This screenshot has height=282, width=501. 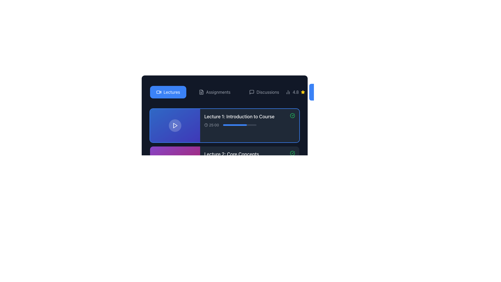 What do you see at coordinates (231, 154) in the screenshot?
I see `the Text label serving as the title for the lecture item, which is centered above the smaller text label displaying '20:00'` at bounding box center [231, 154].